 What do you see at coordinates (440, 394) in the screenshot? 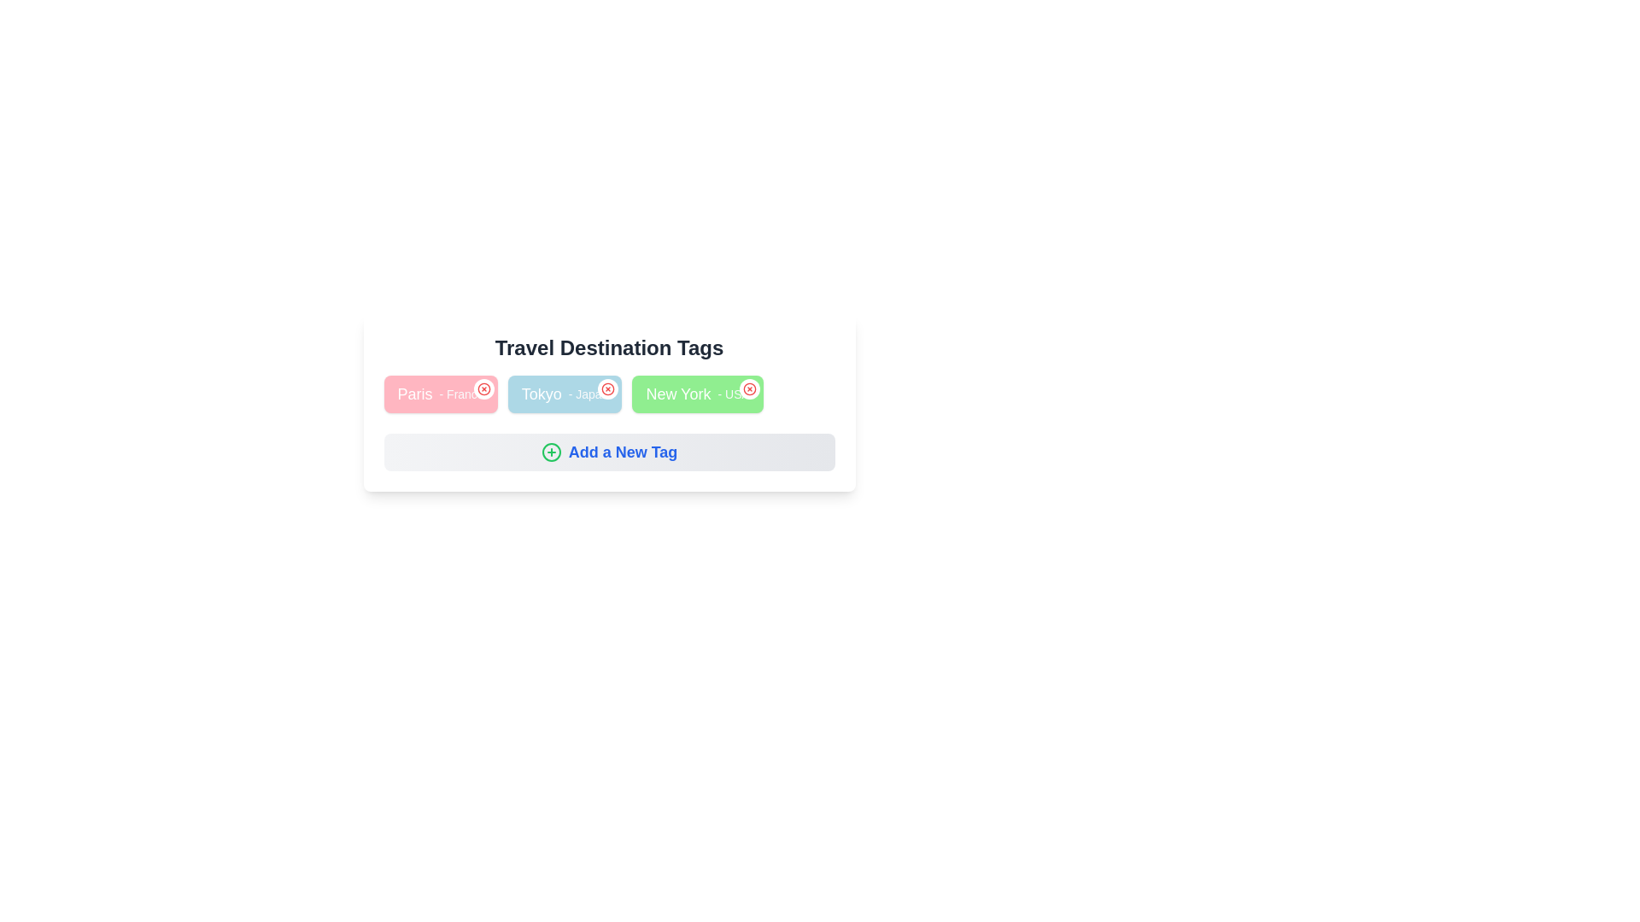
I see `the tag Paris- France to observe its hover effect` at bounding box center [440, 394].